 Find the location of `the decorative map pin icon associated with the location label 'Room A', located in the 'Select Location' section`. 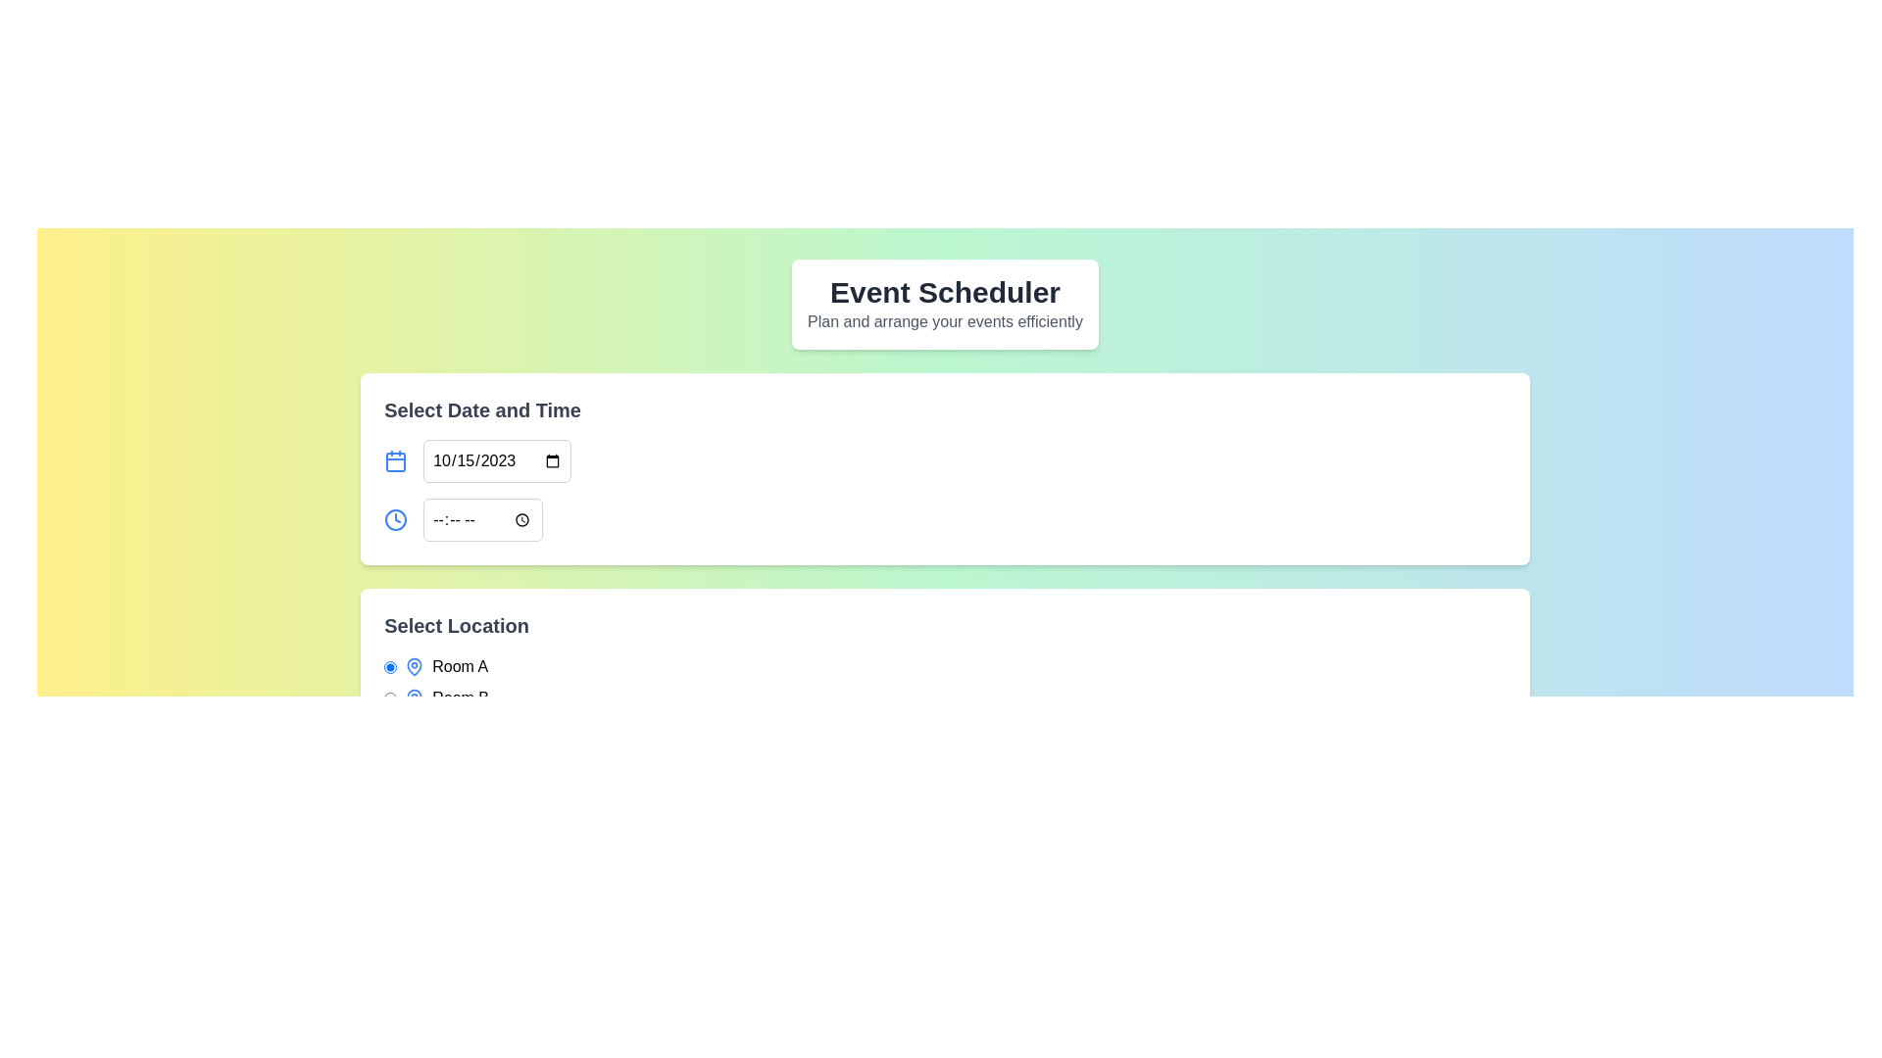

the decorative map pin icon associated with the location label 'Room A', located in the 'Select Location' section is located at coordinates (414, 666).